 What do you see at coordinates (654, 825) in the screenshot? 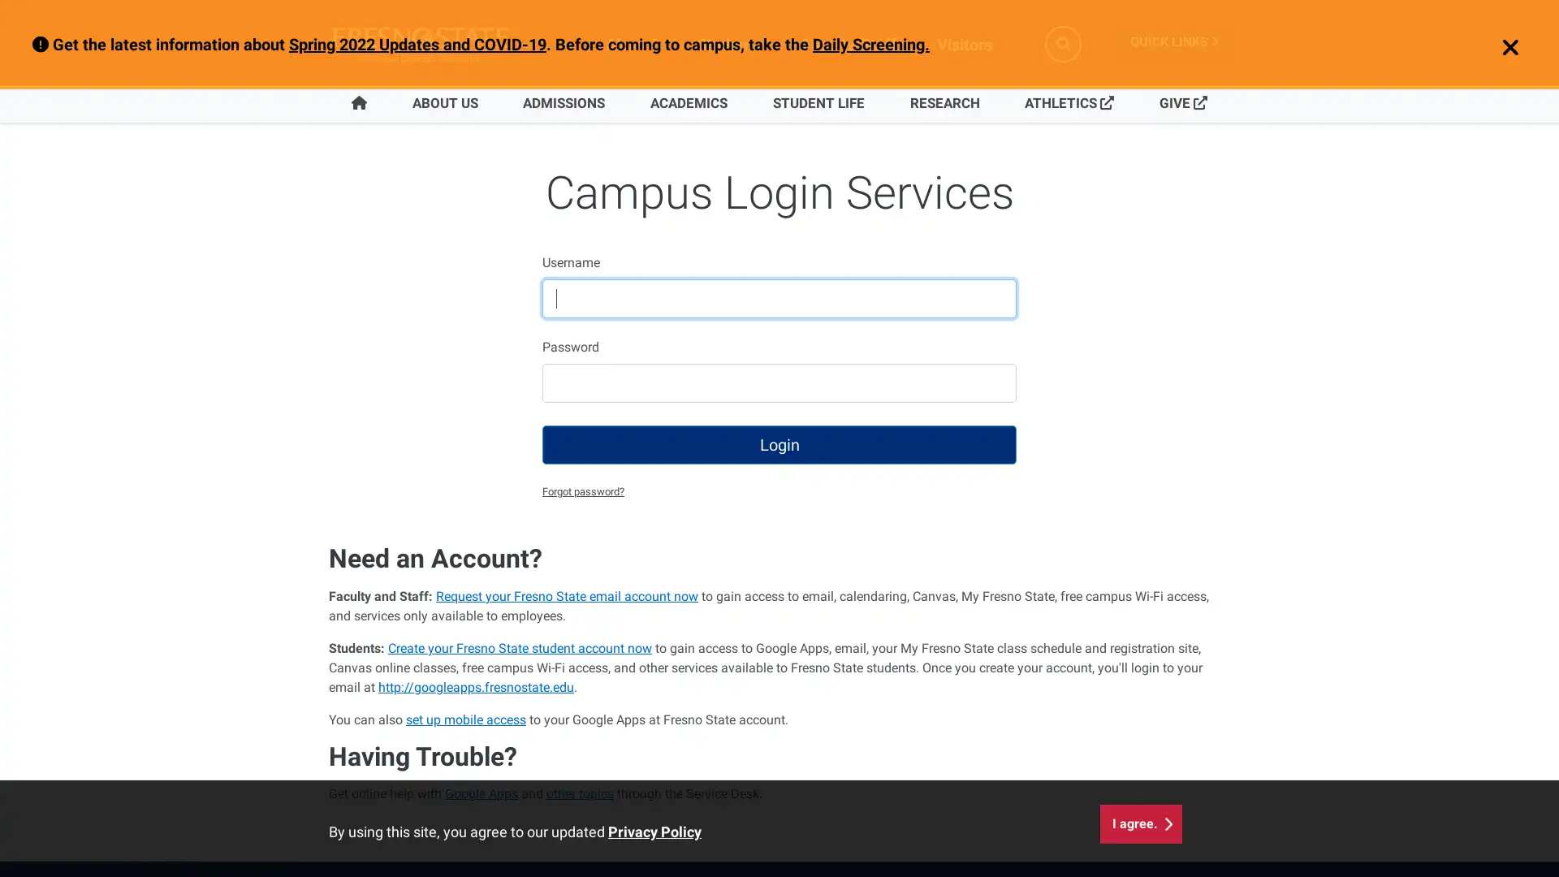
I see `learn more about cookies` at bounding box center [654, 825].